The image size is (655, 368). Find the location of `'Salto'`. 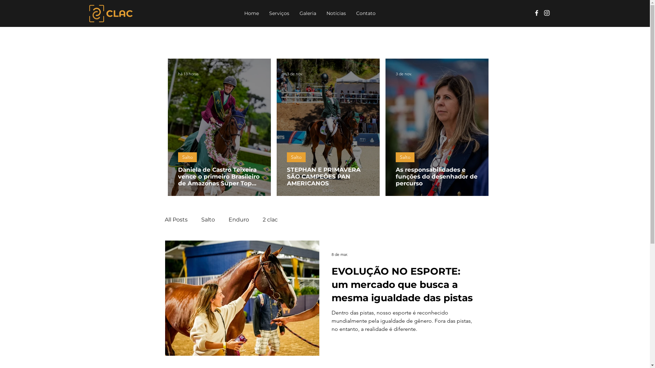

'Salto' is located at coordinates (405, 157).